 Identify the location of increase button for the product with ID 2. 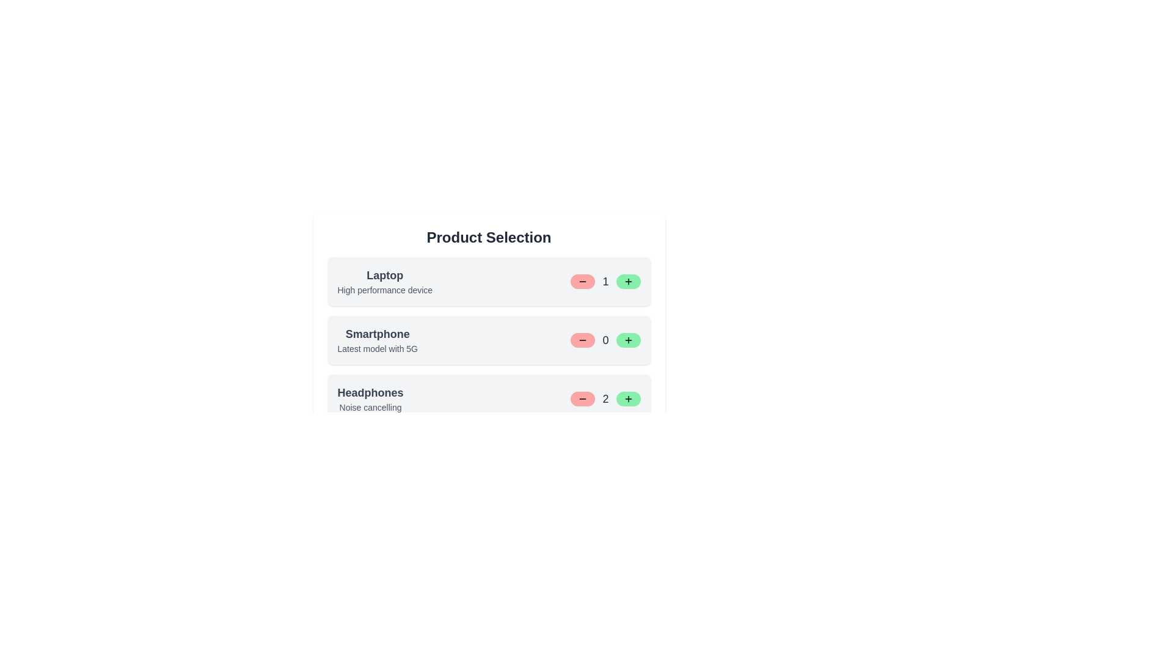
(628, 340).